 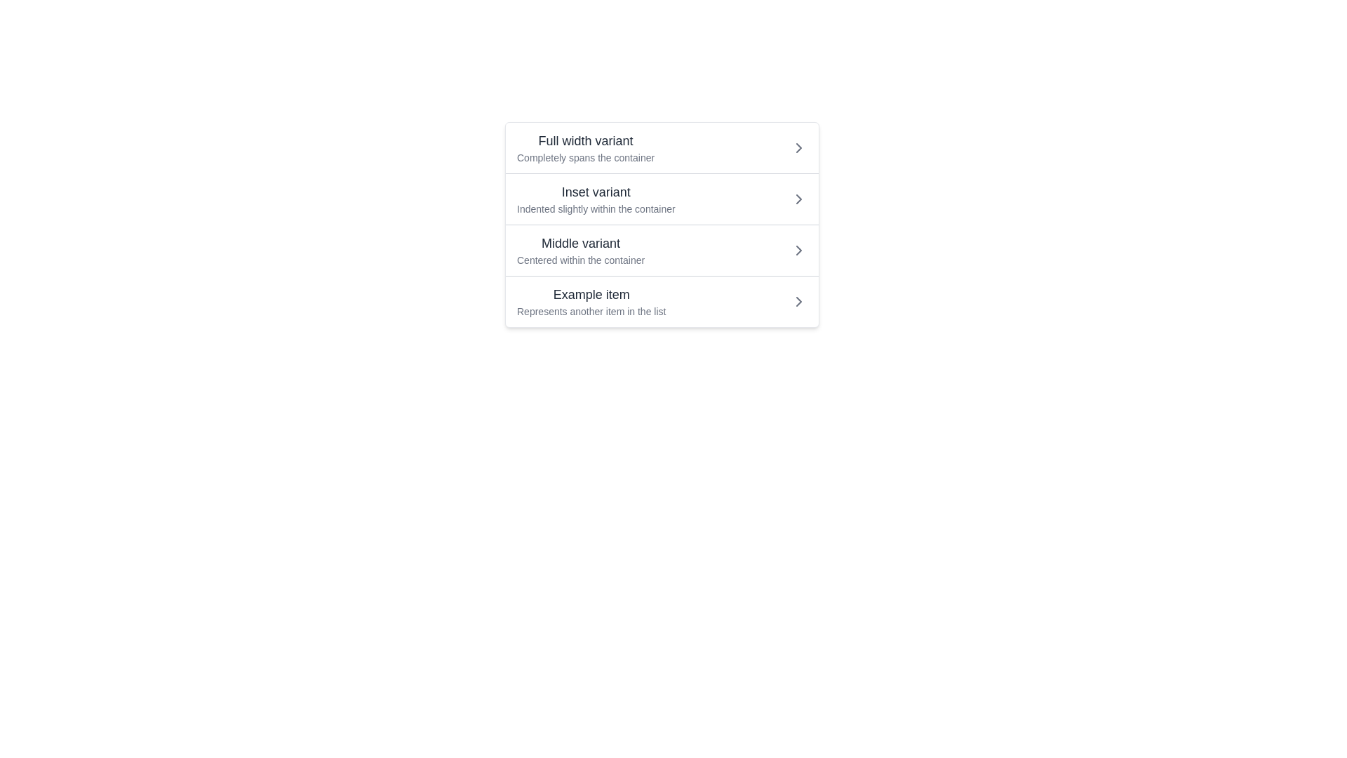 What do you see at coordinates (798, 250) in the screenshot?
I see `the rightward chevron icon located next to the 'Middle variant' text` at bounding box center [798, 250].